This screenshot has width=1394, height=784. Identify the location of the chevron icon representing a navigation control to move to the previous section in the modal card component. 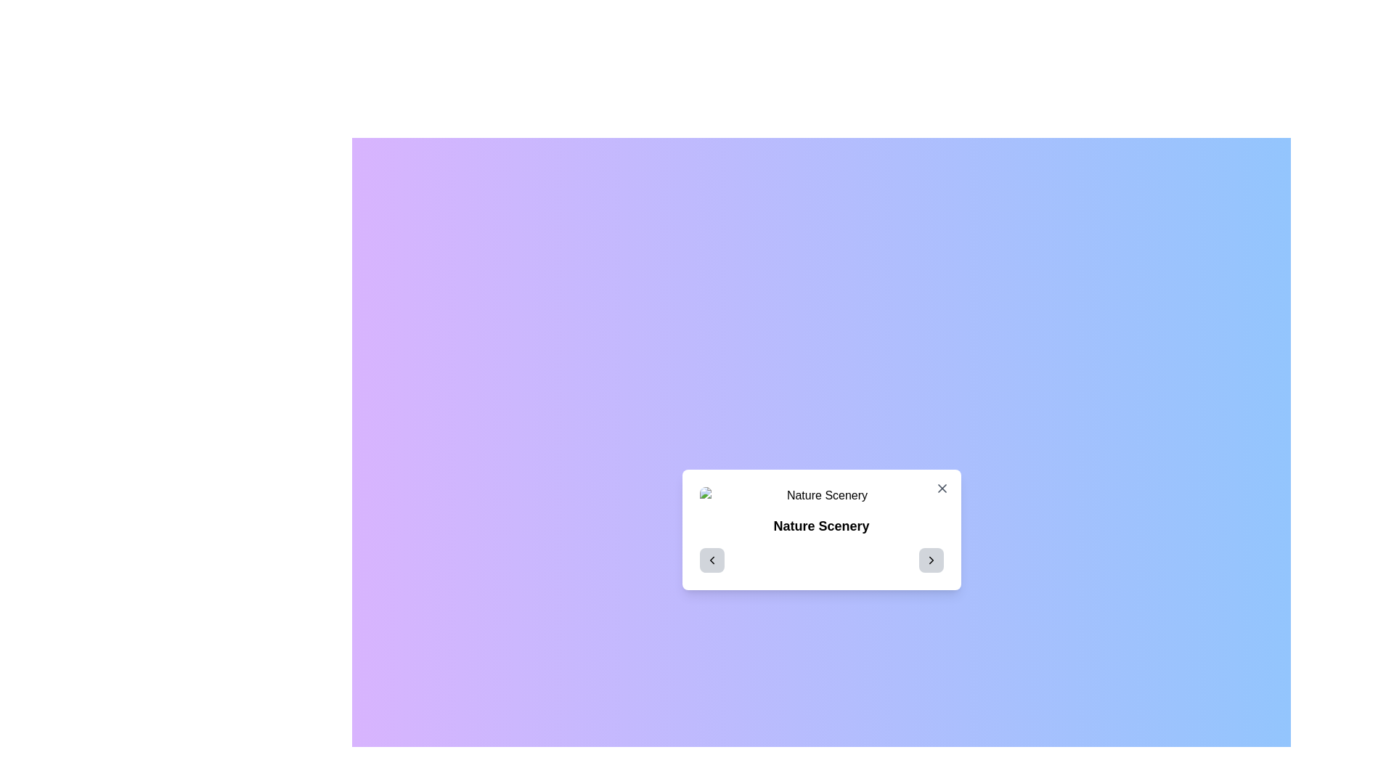
(712, 559).